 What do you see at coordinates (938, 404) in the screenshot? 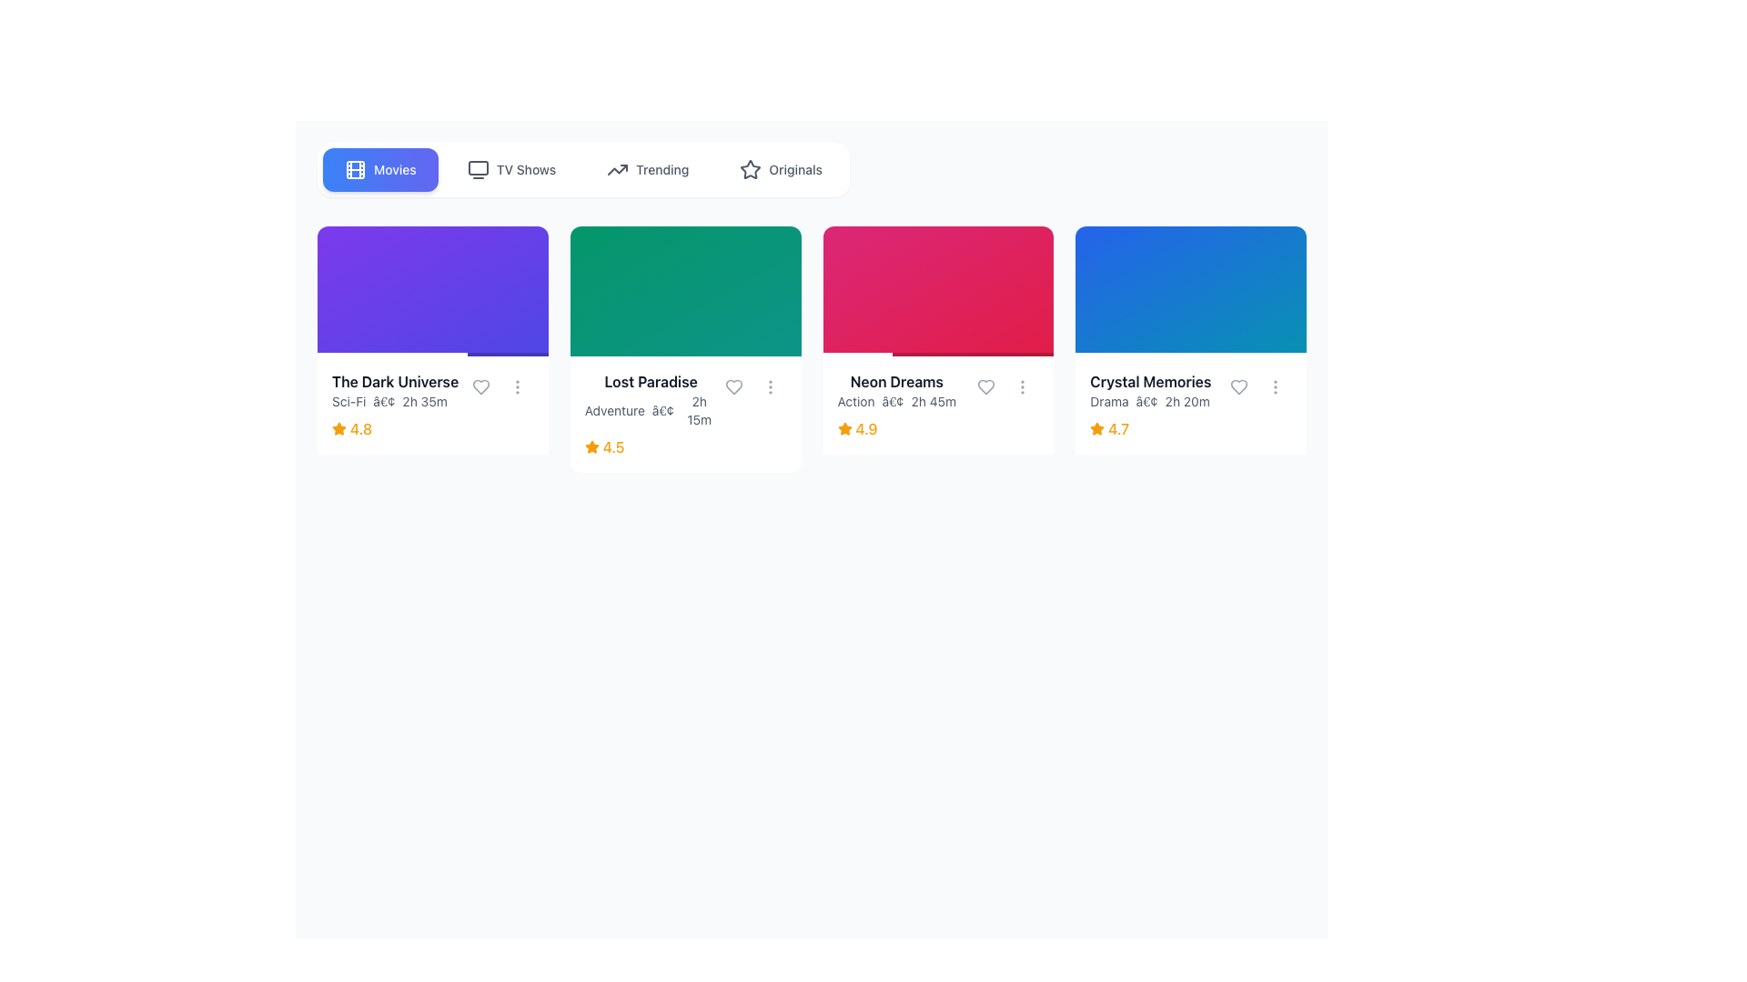
I see `keyboard navigation` at bounding box center [938, 404].